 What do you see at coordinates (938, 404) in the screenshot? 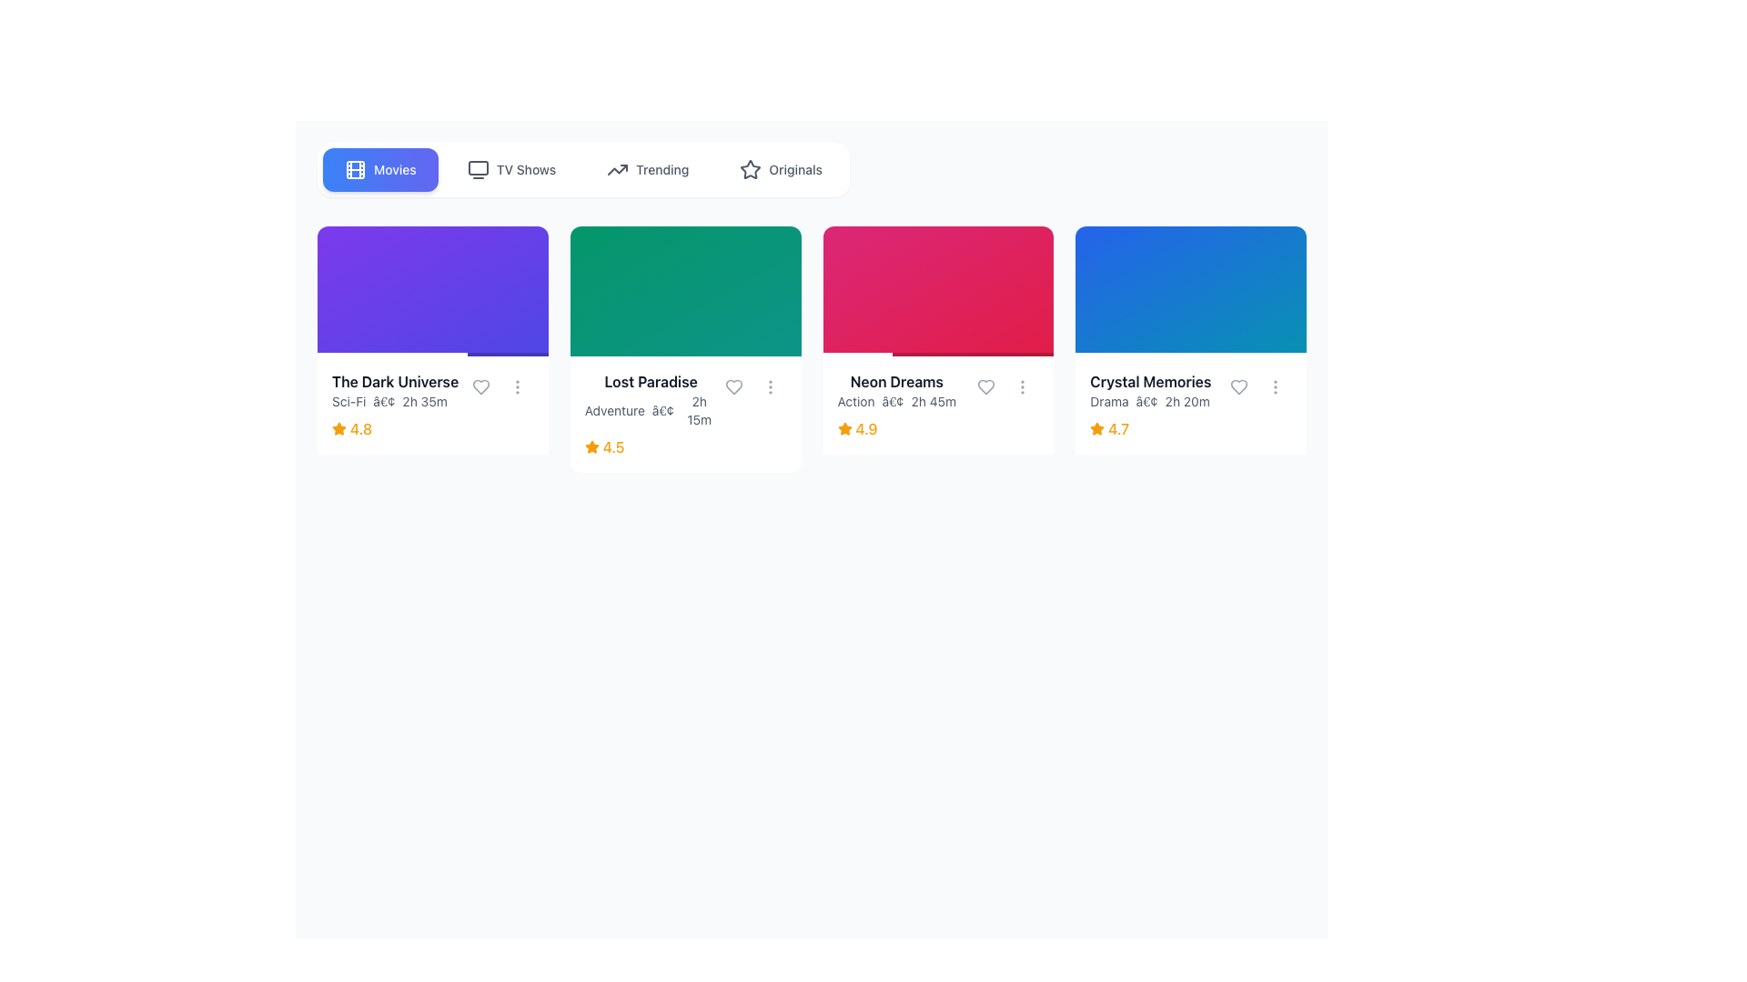
I see `keyboard navigation` at bounding box center [938, 404].